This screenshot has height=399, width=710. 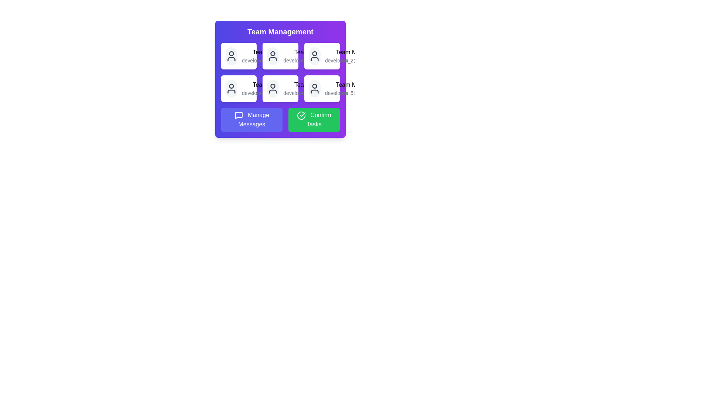 I want to click on the user profile icon, which is represented by a minimalist circular head and semicircular body, located in the second row and second column of the 'Team Management' panel, so click(x=273, y=88).